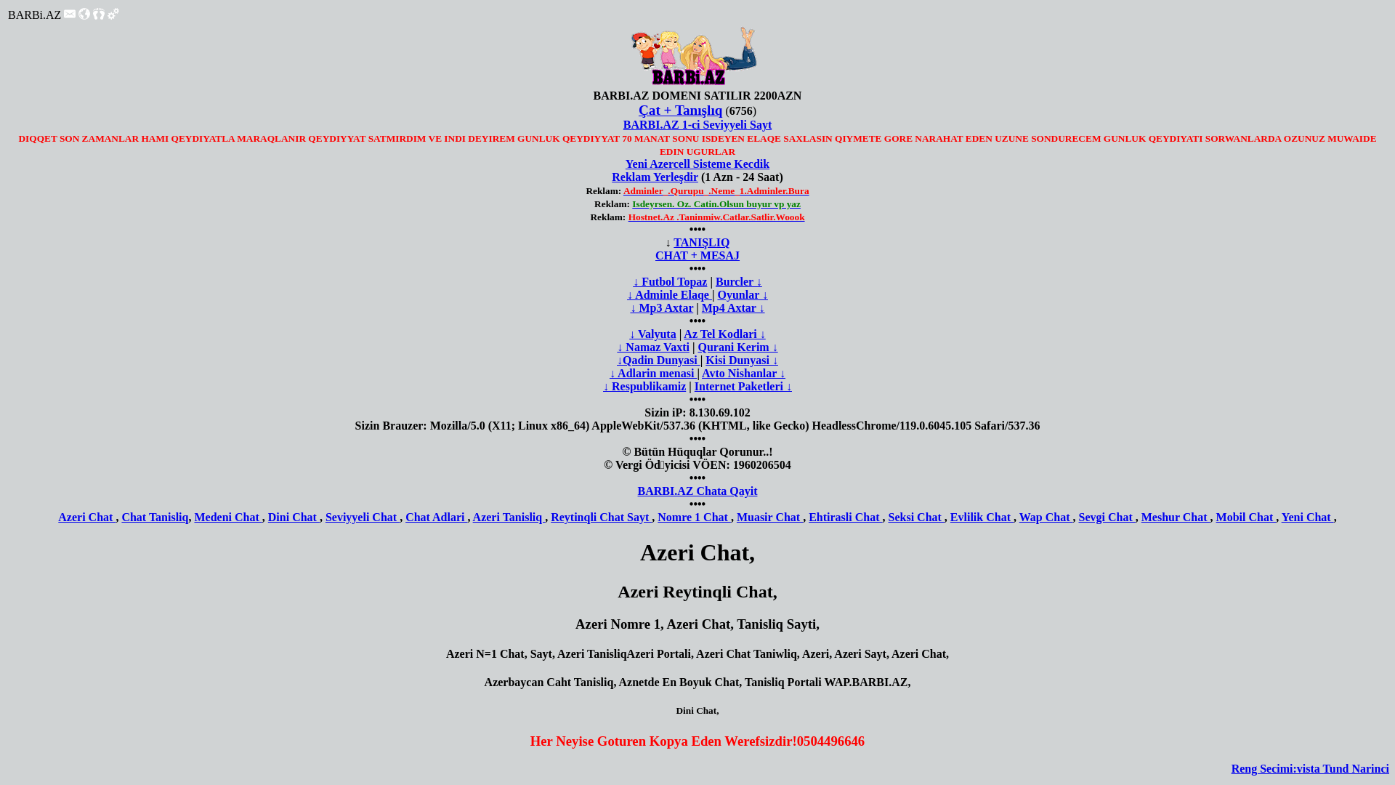 The height and width of the screenshot is (785, 1395). I want to click on 'Yeni Azercell Sisteme Kecdik', so click(697, 164).